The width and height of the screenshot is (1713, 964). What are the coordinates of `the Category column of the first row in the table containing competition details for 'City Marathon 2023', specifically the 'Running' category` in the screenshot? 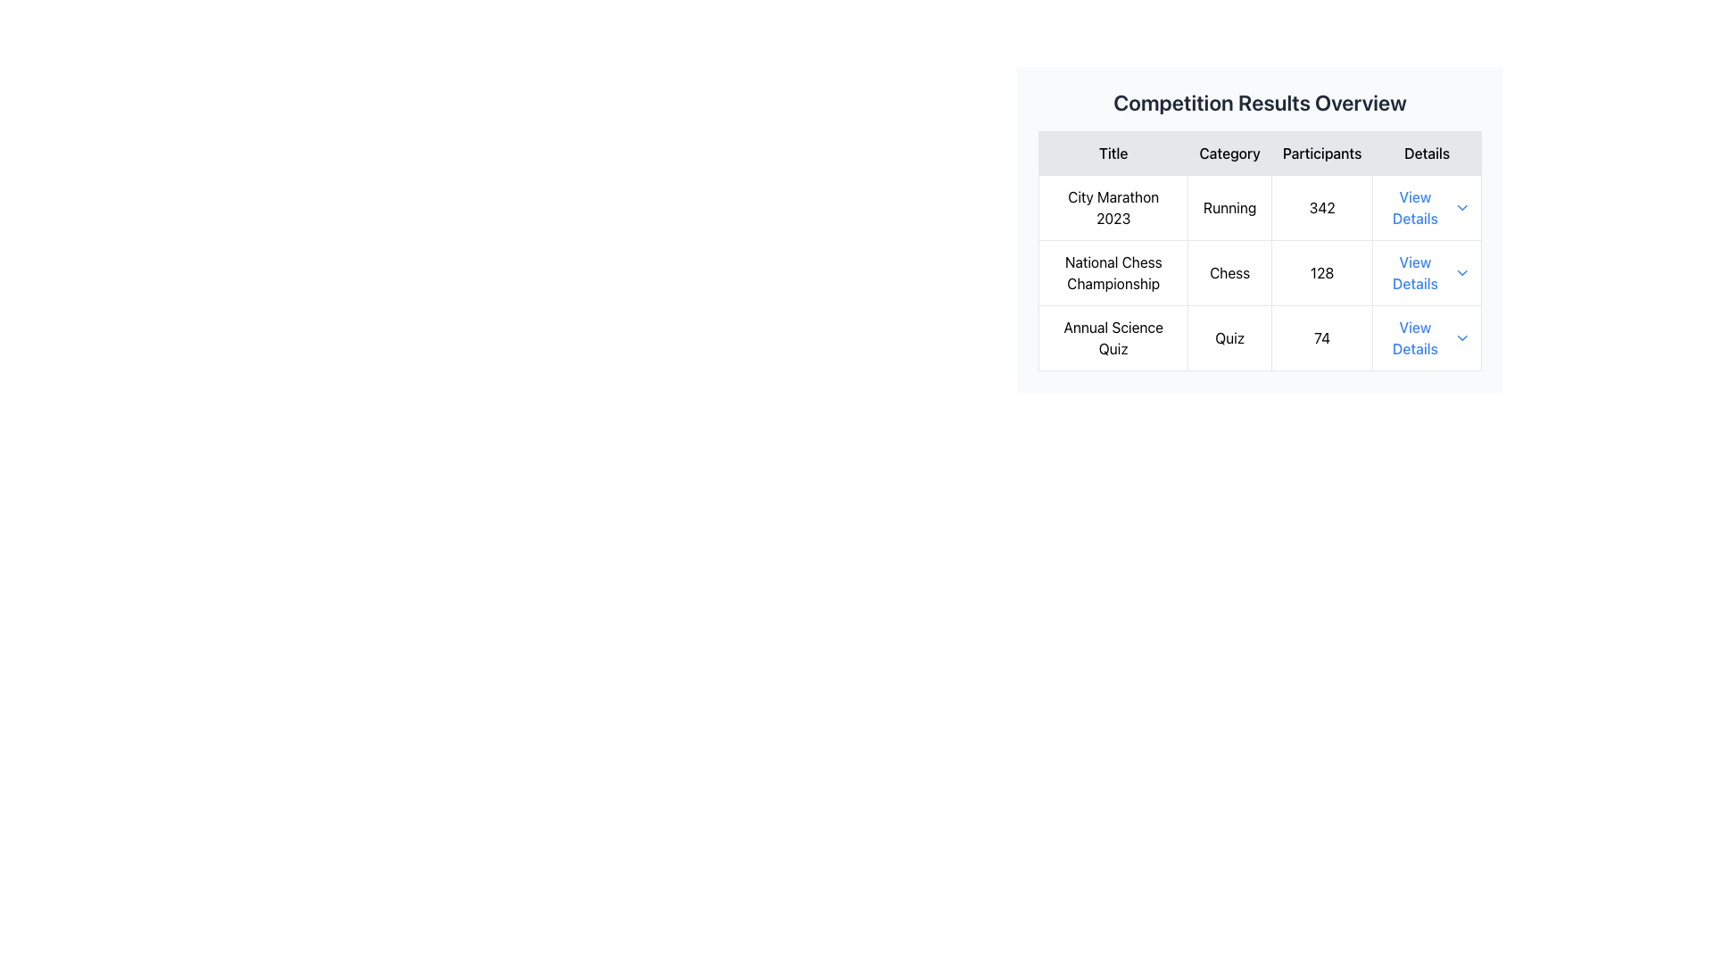 It's located at (1259, 229).